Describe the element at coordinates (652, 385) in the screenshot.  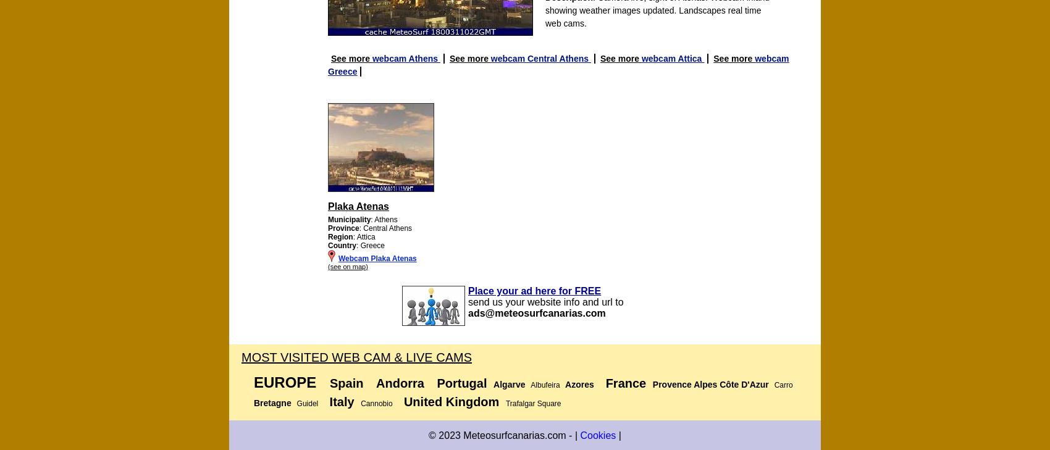
I see `'Provence Alpes Côte D'Azur'` at that location.